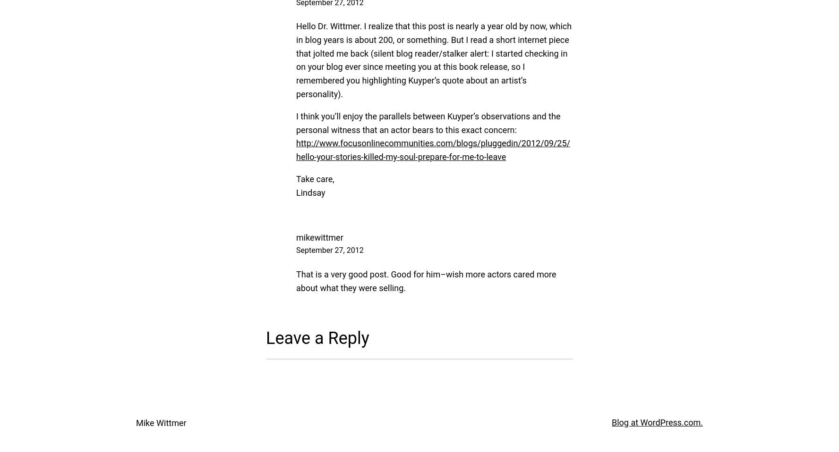  What do you see at coordinates (428, 123) in the screenshot?
I see `'I think you’ll enjoy the parallels between Kuyper’s observations and the personal witness that an actor bears to this exact concern:'` at bounding box center [428, 123].